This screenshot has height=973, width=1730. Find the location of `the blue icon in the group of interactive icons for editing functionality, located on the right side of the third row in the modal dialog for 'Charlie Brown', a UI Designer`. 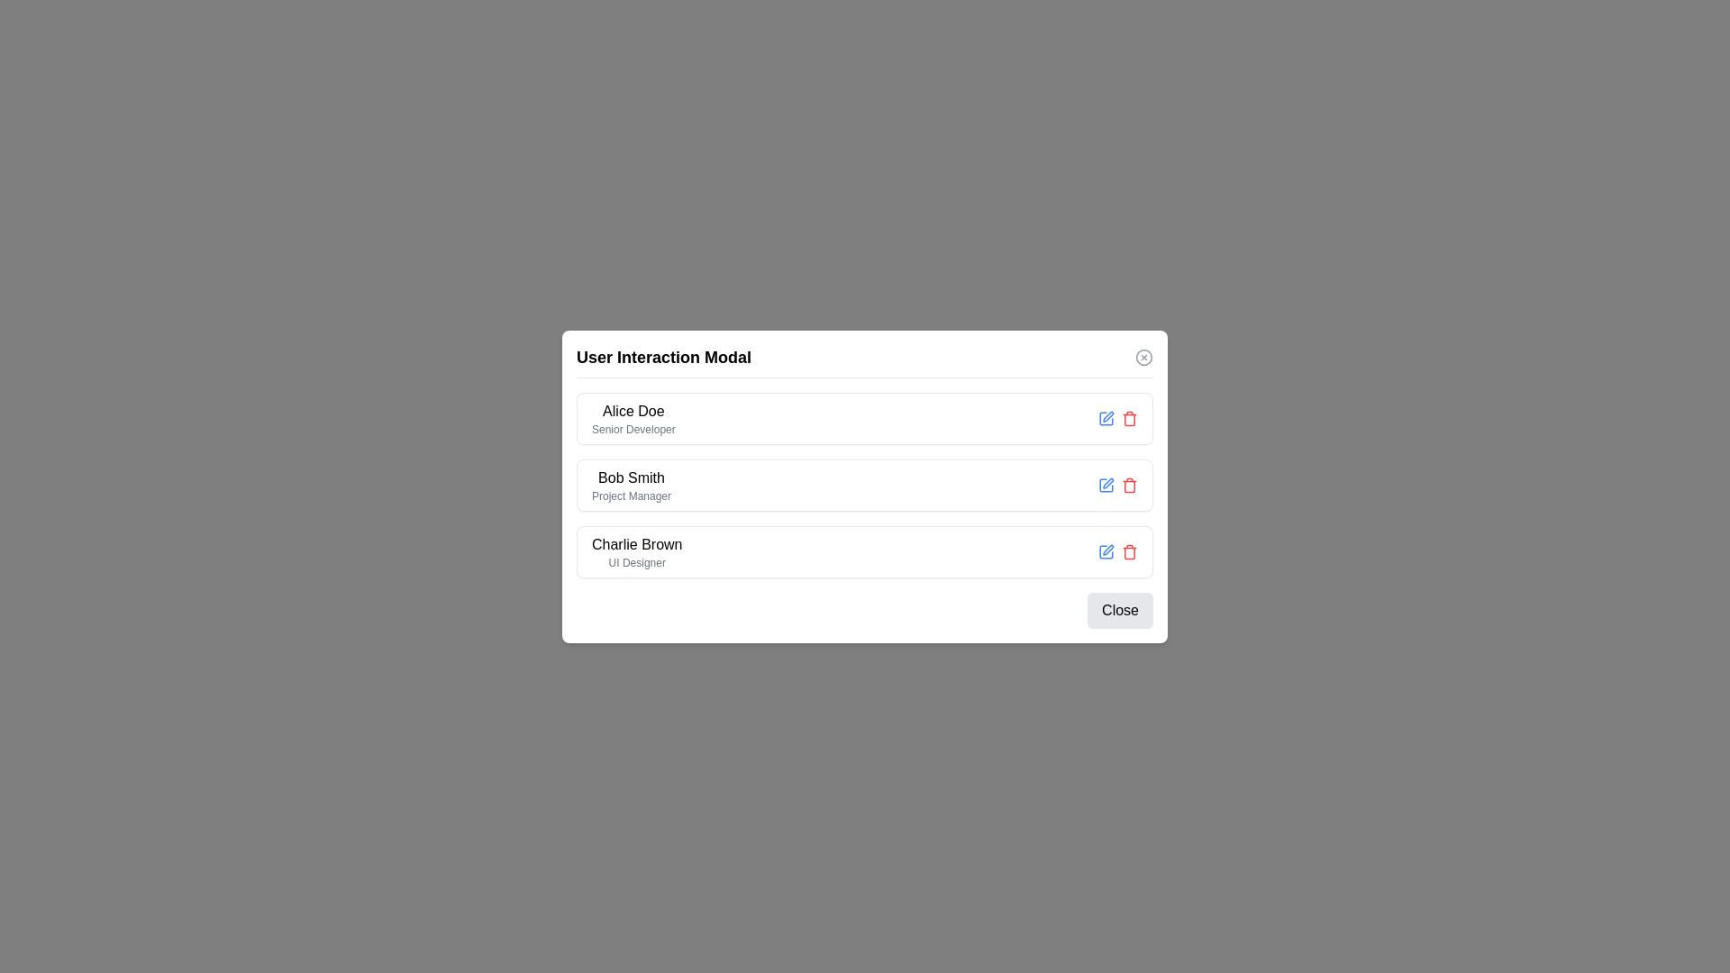

the blue icon in the group of interactive icons for editing functionality, located on the right side of the third row in the modal dialog for 'Charlie Brown', a UI Designer is located at coordinates (1117, 550).